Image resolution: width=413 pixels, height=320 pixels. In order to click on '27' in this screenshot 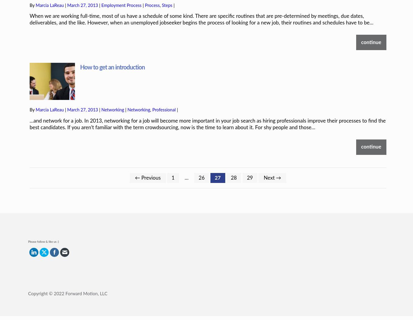, I will do `click(217, 157)`.